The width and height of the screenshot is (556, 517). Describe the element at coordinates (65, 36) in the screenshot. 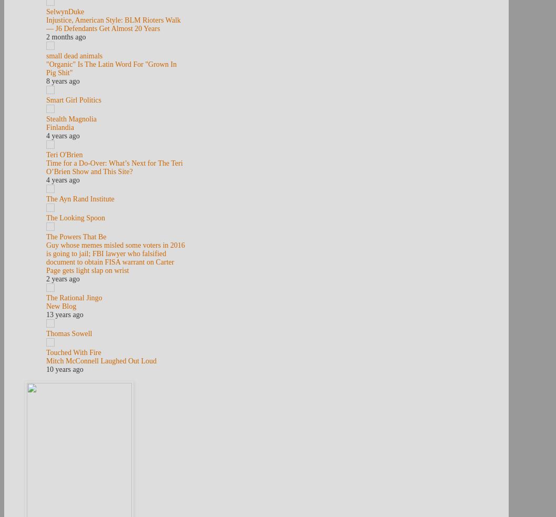

I see `'2 months ago'` at that location.